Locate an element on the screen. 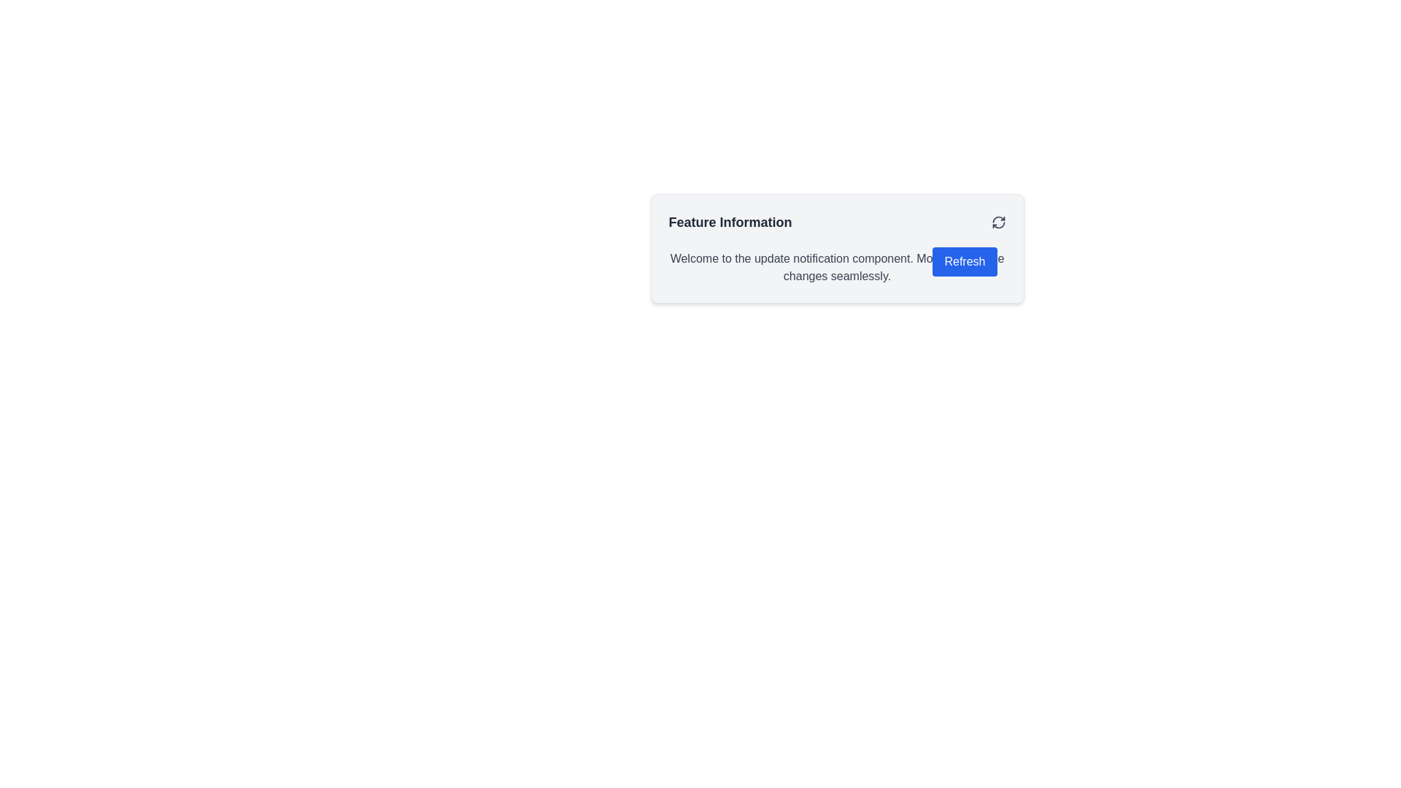 The width and height of the screenshot is (1401, 788). the refresh button located at the bottom-right corner of the notification panel to observe the styling change is located at coordinates (965, 260).